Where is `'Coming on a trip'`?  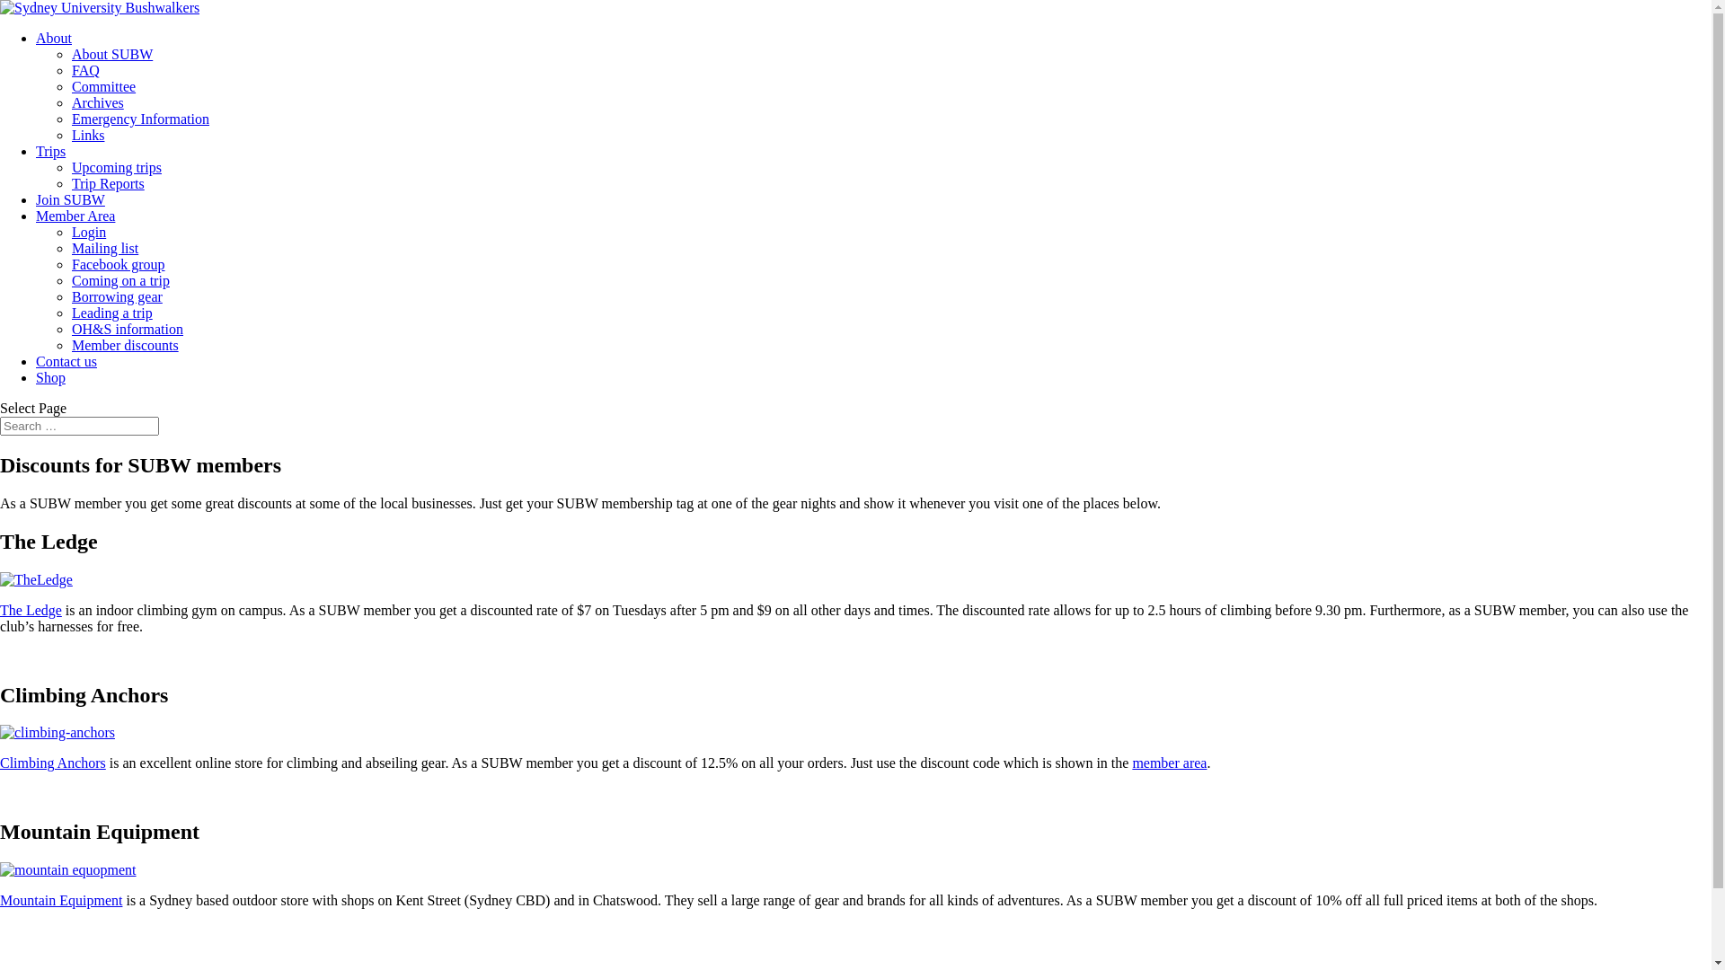 'Coming on a trip' is located at coordinates (72, 280).